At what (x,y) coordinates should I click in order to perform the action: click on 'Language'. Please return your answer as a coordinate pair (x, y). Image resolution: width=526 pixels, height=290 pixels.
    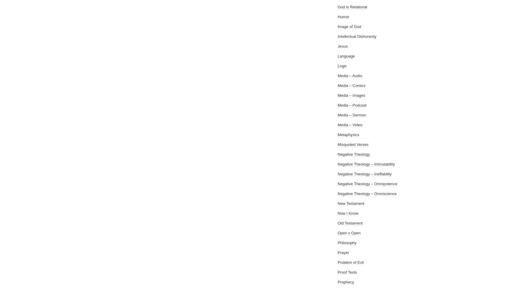
    Looking at the image, I should click on (346, 56).